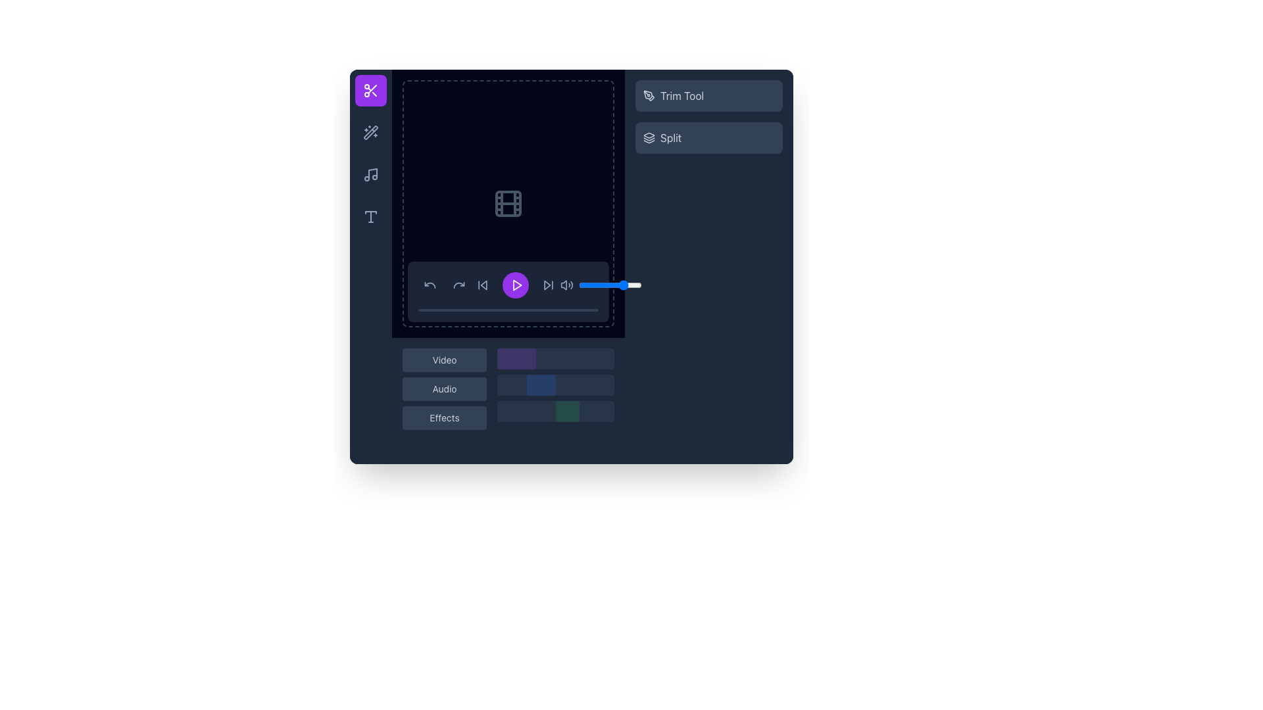 The width and height of the screenshot is (1263, 710). Describe the element at coordinates (372, 172) in the screenshot. I see `the music note icon located in the sidebar menu, specifically in the third position from the top, beneath the scissors and brush icons` at that location.